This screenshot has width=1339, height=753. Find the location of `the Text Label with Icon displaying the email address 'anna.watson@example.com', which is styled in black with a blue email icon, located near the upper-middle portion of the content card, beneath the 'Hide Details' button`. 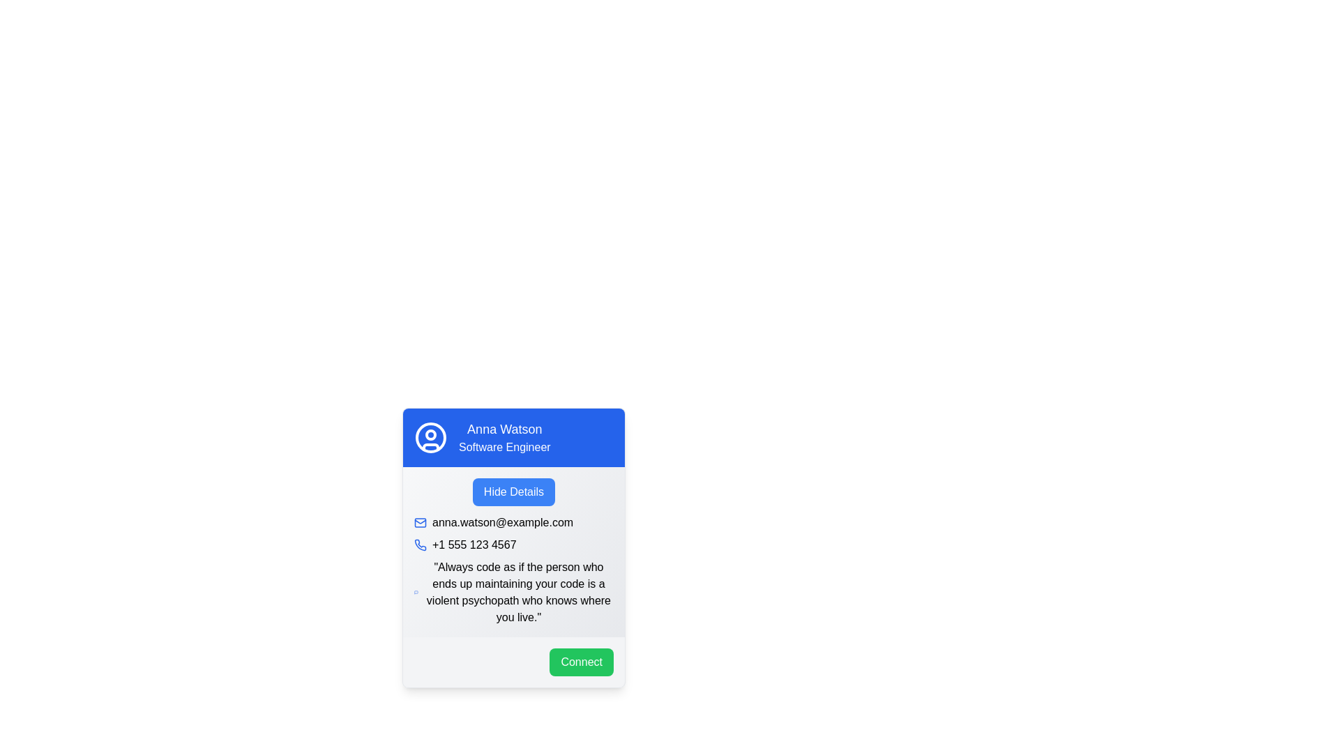

the Text Label with Icon displaying the email address 'anna.watson@example.com', which is styled in black with a blue email icon, located near the upper-middle portion of the content card, beneath the 'Hide Details' button is located at coordinates (513, 522).